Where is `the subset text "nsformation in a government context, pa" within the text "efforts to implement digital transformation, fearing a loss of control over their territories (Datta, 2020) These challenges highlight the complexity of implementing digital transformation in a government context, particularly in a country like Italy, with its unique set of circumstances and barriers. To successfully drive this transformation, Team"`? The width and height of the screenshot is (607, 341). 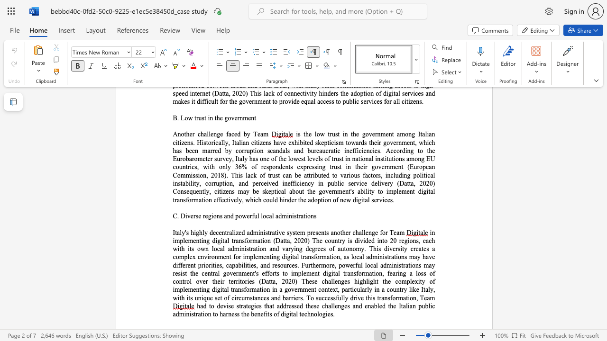
the subset text "nsformation in a government context, pa" within the text "efforts to implement digital transformation, fearing a loss of control over their territories (Datta, 2020) These challenges highlight the complexity of implementing digital transformation in a government context, particularly in a country like Italy, with its unique set of circumstances and barriers. To successfully drive this transformation, Team" is located at coordinates (238, 289).